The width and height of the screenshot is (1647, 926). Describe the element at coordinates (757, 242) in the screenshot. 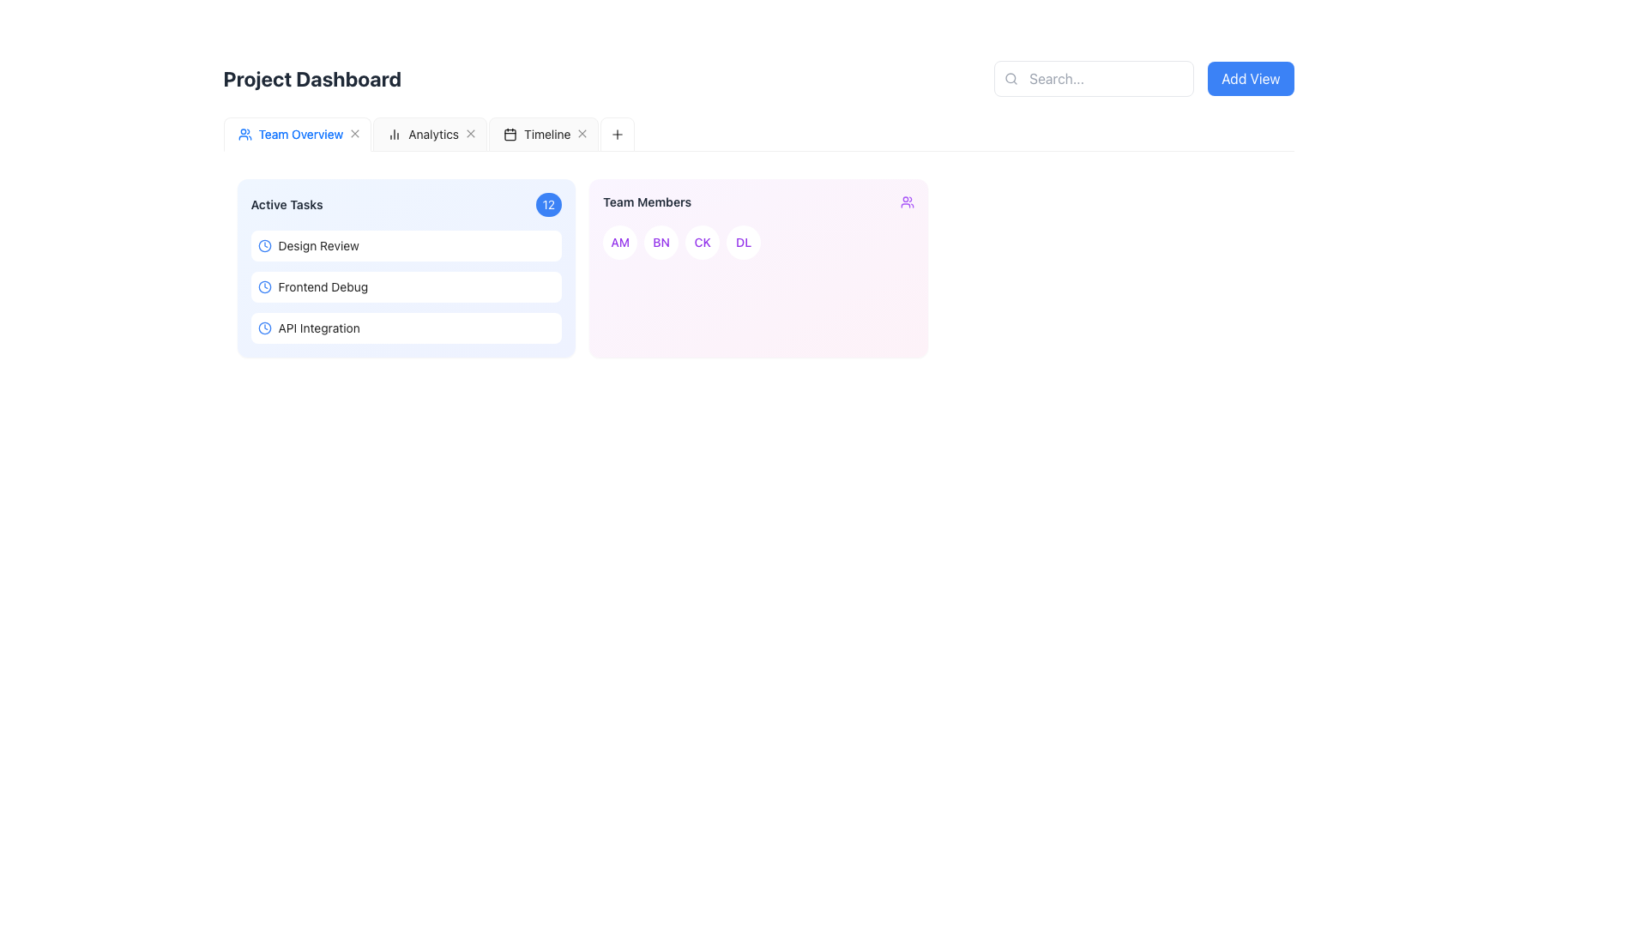

I see `the horizontal layout of circle avatars representing team members, located within the 'Team Members' card, positioned to the right of the 'Active Tasks' card` at that location.